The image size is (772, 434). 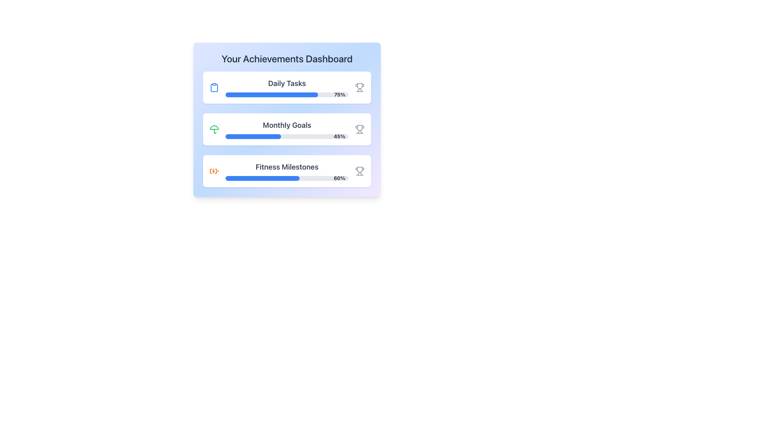 I want to click on displayed text '45%' from the Text Label that indicates the current progress percentage of the 'Monthly Goals' section, located at the right end of the second progress bar on the achievements dashboard, so click(x=341, y=136).